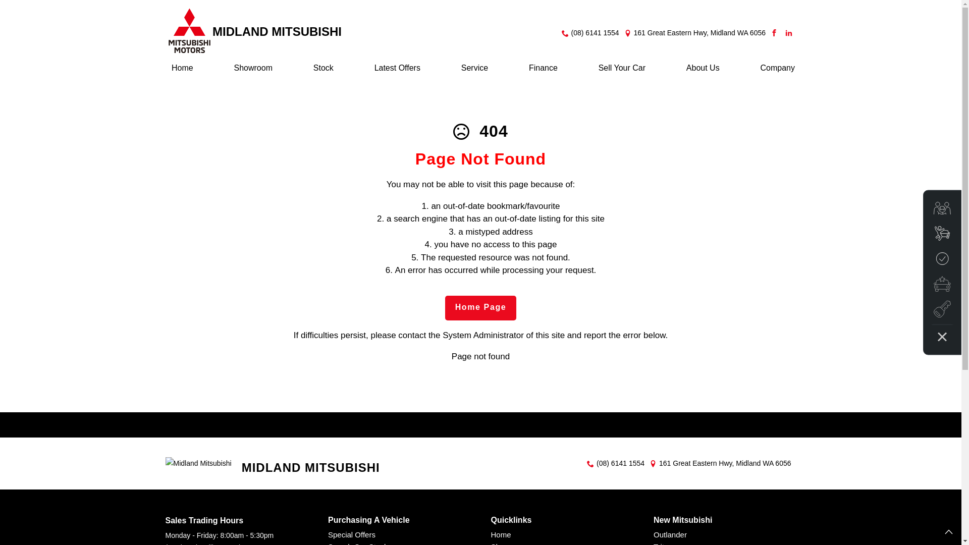 The width and height of the screenshot is (969, 545). I want to click on 'Home Page', so click(480, 307).